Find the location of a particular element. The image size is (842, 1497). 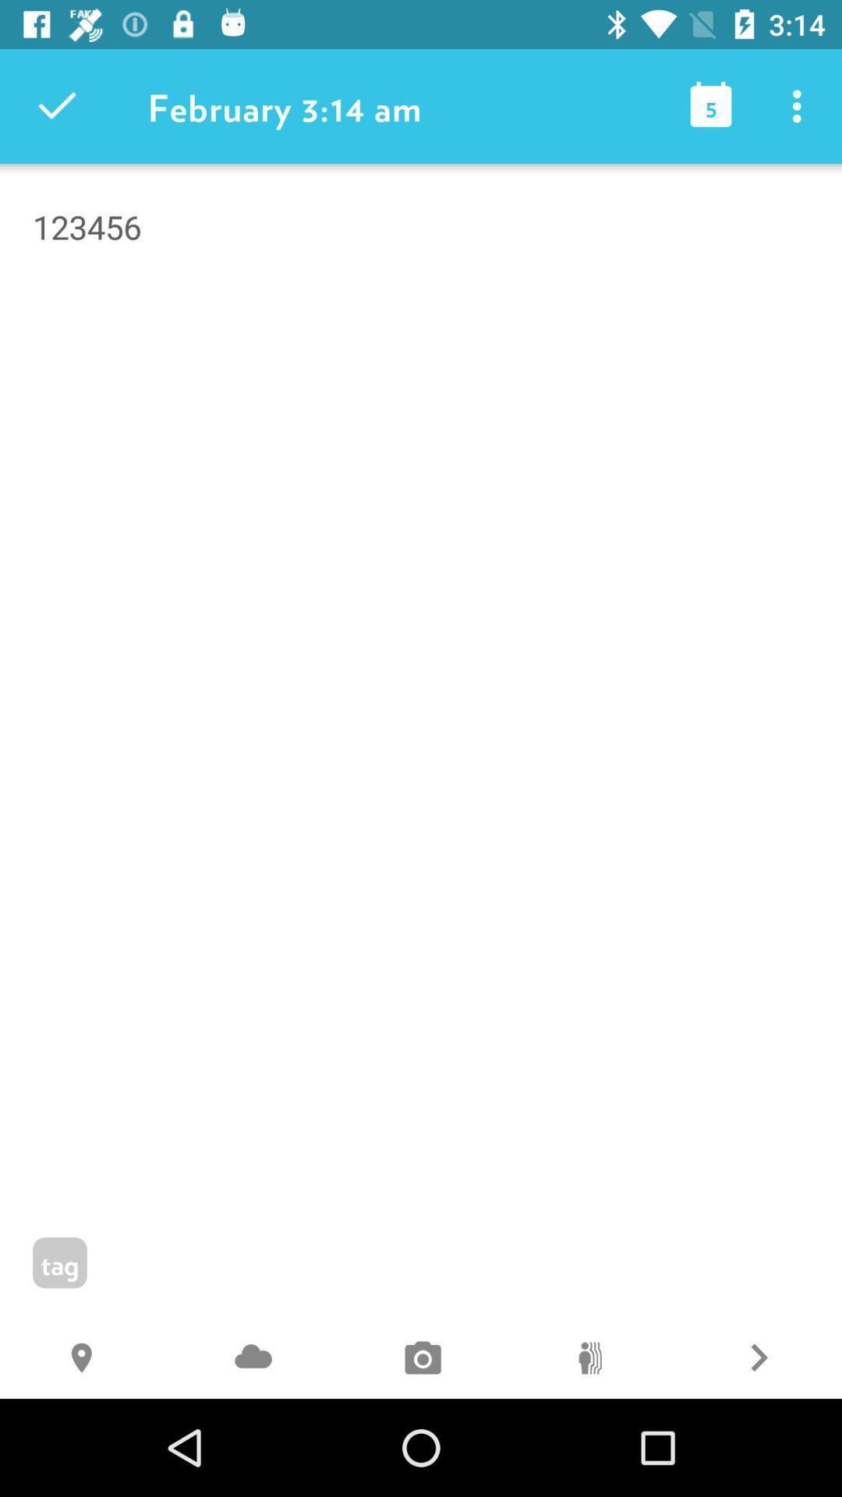

j icon is located at coordinates (252, 1359).